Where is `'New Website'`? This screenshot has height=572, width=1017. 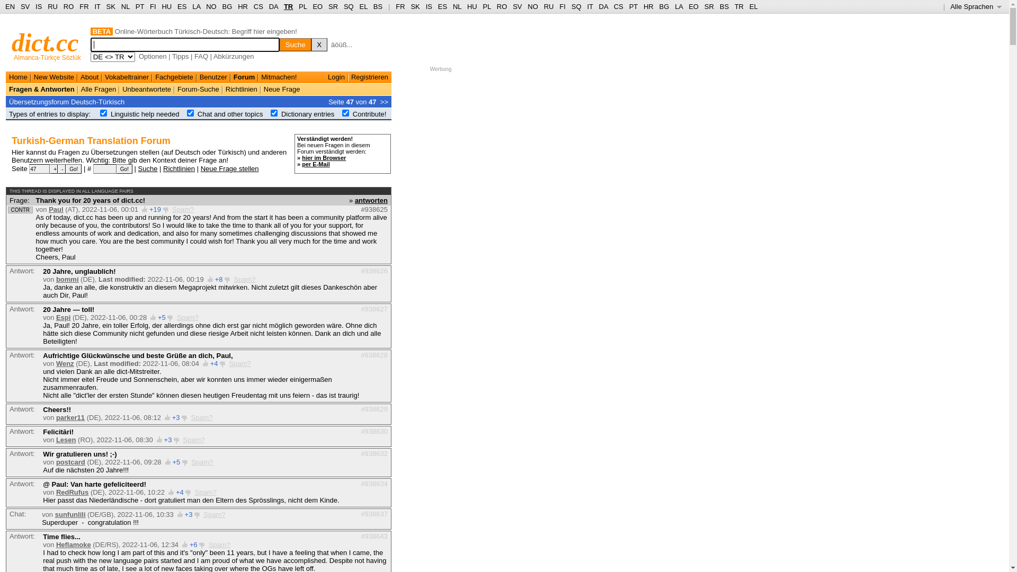 'New Website' is located at coordinates (33, 76).